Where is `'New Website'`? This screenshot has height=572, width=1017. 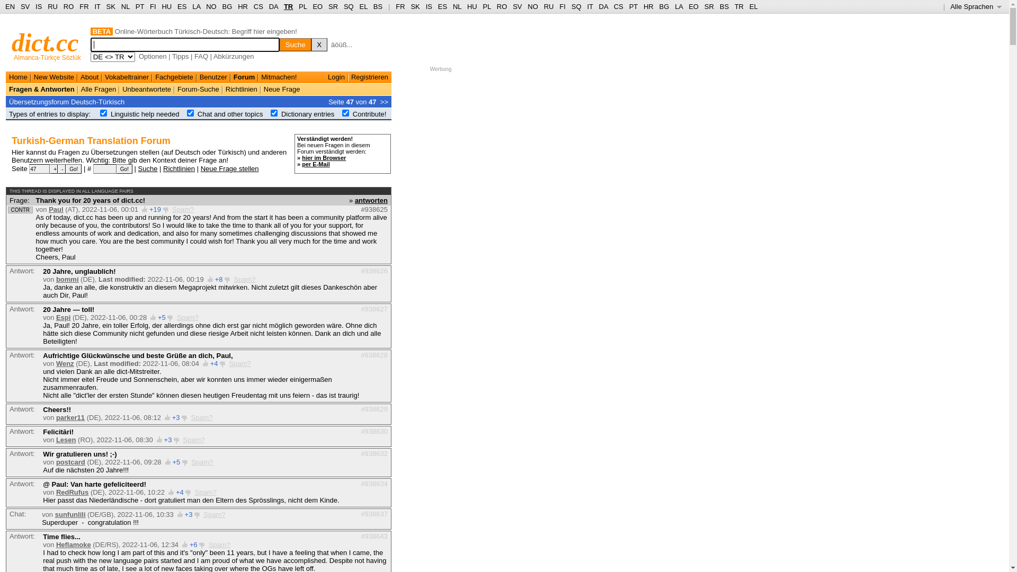 'New Website' is located at coordinates (33, 76).